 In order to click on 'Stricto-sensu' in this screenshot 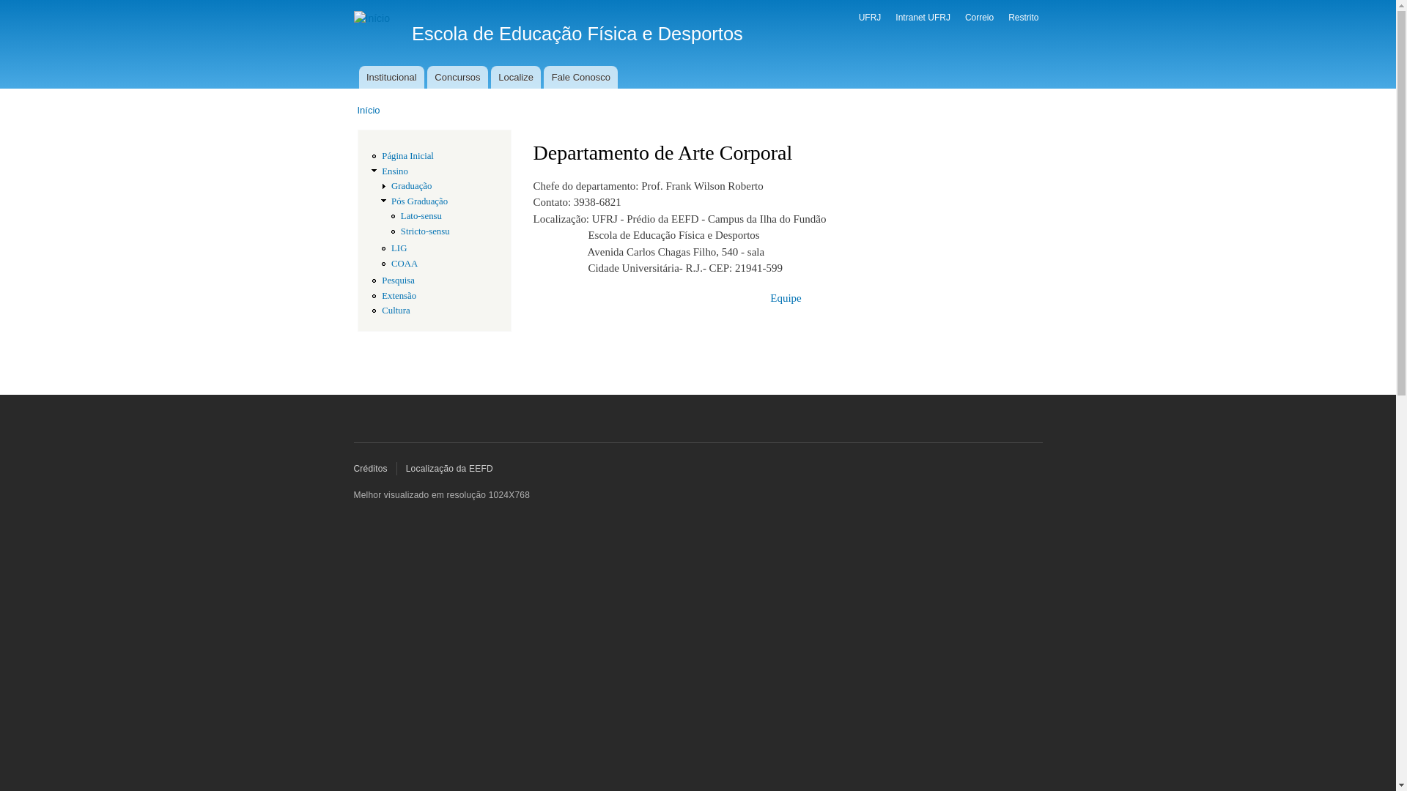, I will do `click(424, 231)`.